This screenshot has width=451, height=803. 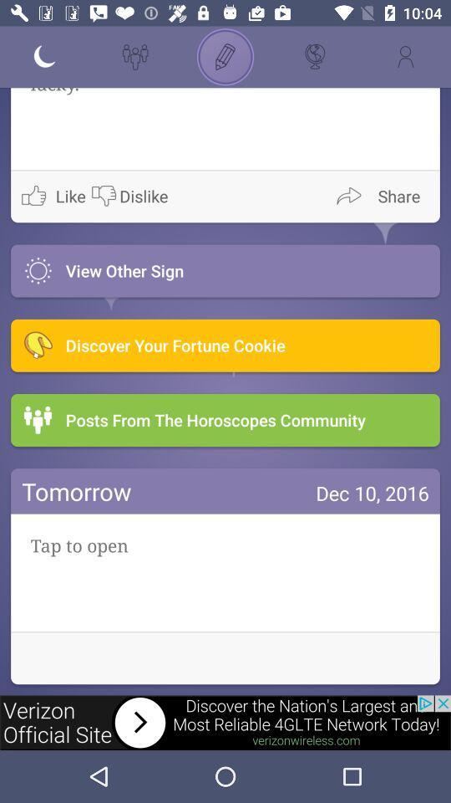 I want to click on edit, so click(x=225, y=57).